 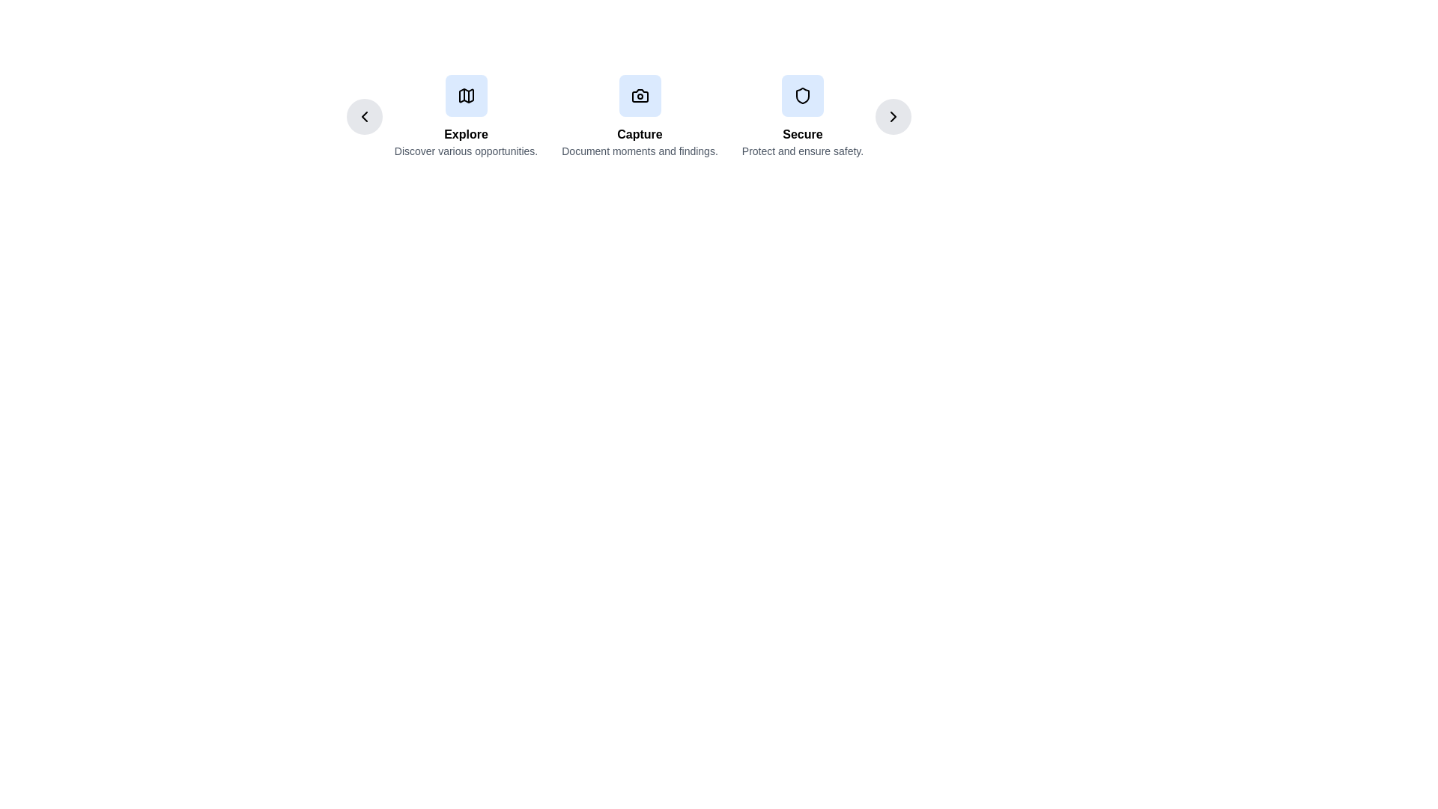 I want to click on text label that contains the word 'Secure' in bold, located below a shield icon and above the descriptive text 'Protect and ensure safety', so click(x=801, y=135).